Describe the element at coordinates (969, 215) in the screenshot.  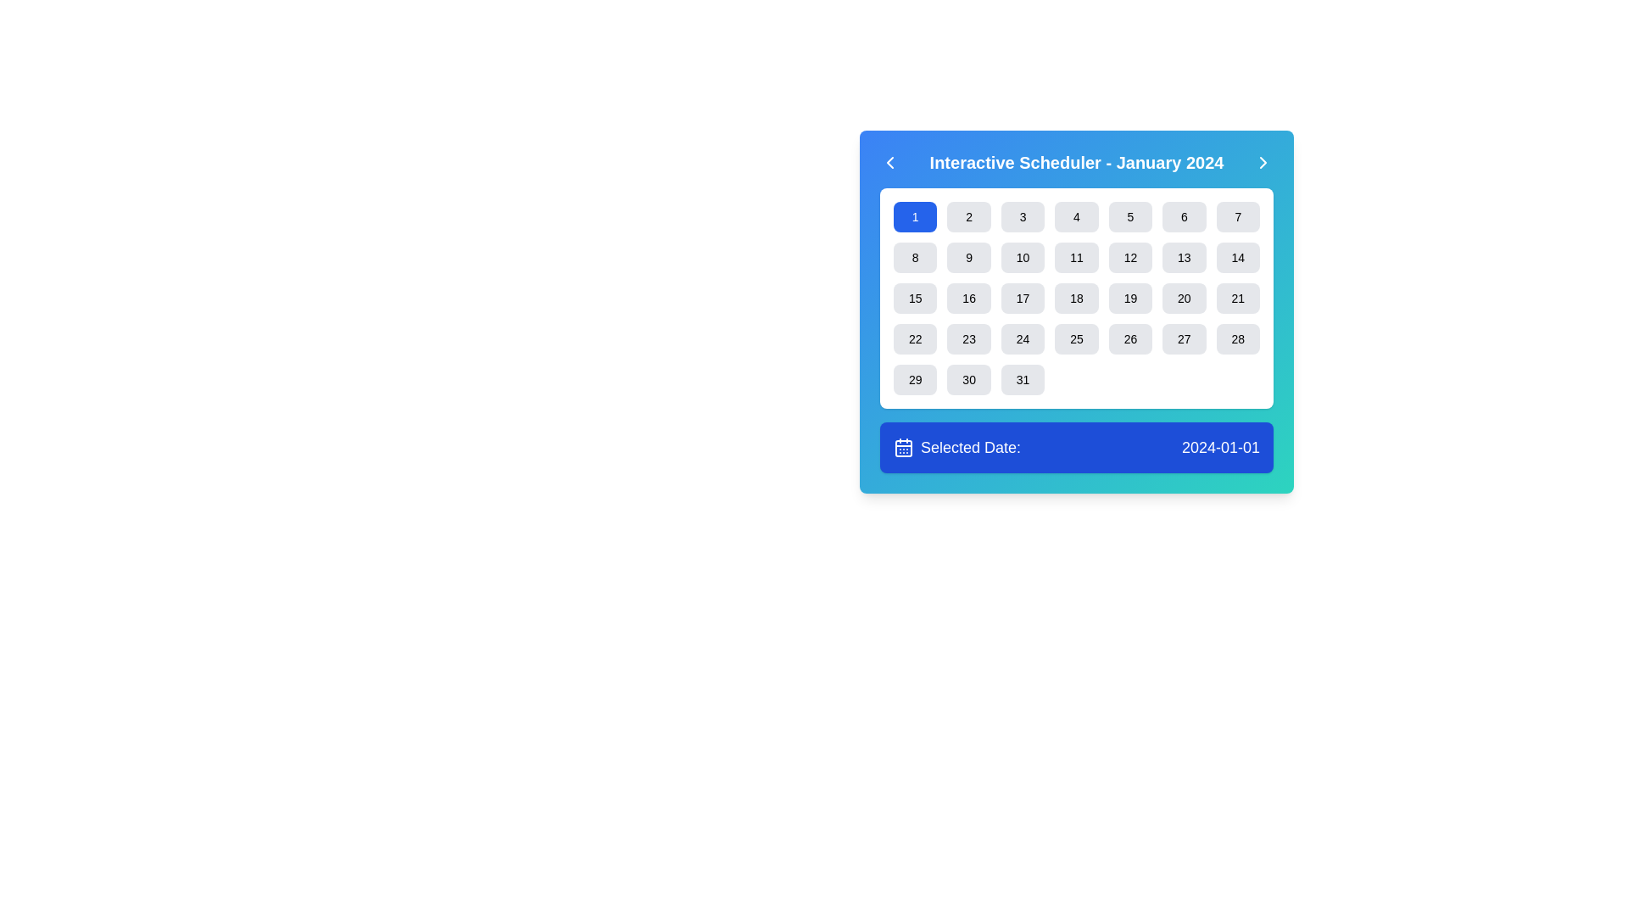
I see `the button labeled '2' in the topmost row of the calendar grid` at that location.